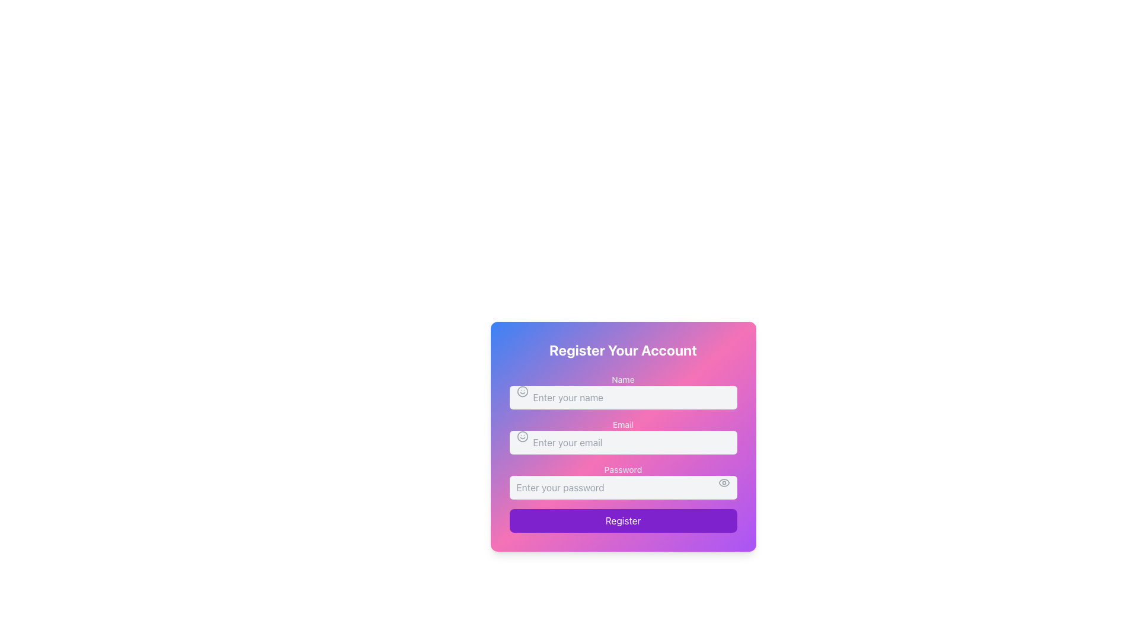  I want to click on the Decorative icon located at the top-left corner inside the input field labeled 'Name', which is positioned above the placeholder text 'Enter your name', so click(522, 391).